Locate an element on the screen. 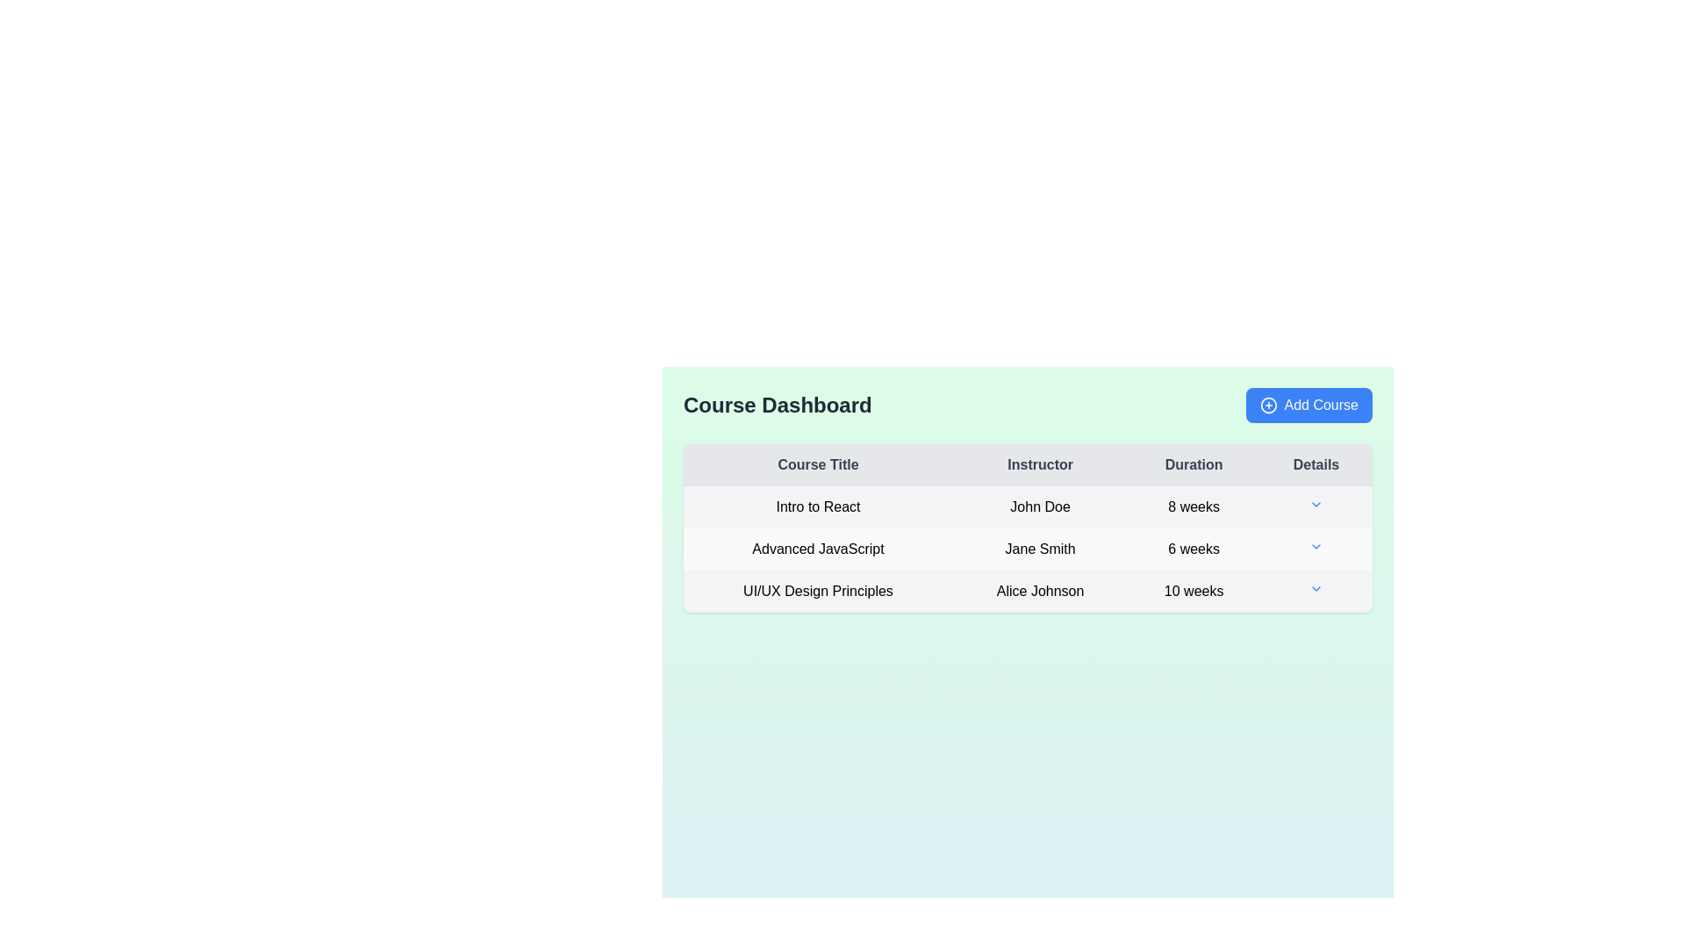 The width and height of the screenshot is (1685, 948). the blue downward-facing arrow icon of the Dropdown button located in the 'Details' column of the last row of the 'Course Dashboard' table is located at coordinates (1316, 589).